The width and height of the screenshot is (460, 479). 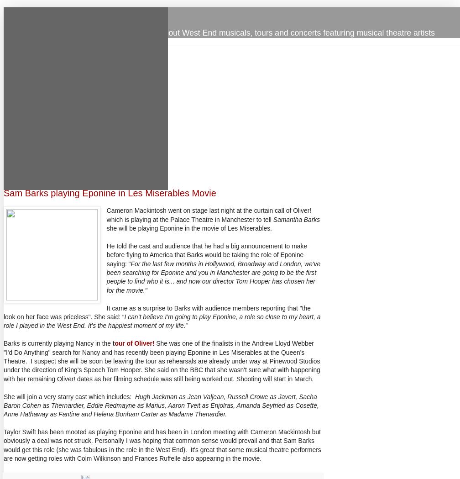 What do you see at coordinates (134, 343) in the screenshot?
I see `'our of Oliver!'` at bounding box center [134, 343].